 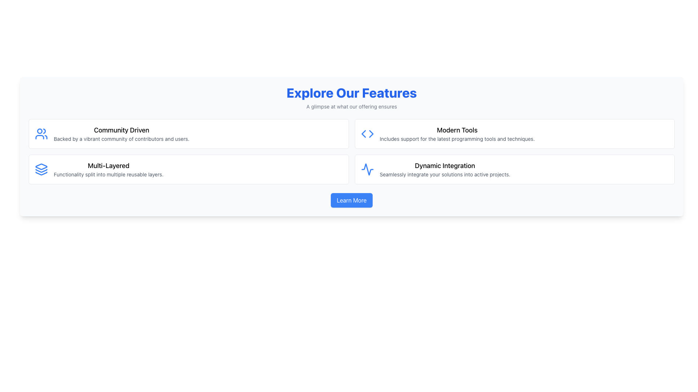 I want to click on the decorative graphical icon that reinforces the 'Multi-Layered' theme, located at the bottom of the series of icon shapes in the lower-left section of the grid layout, so click(x=41, y=173).